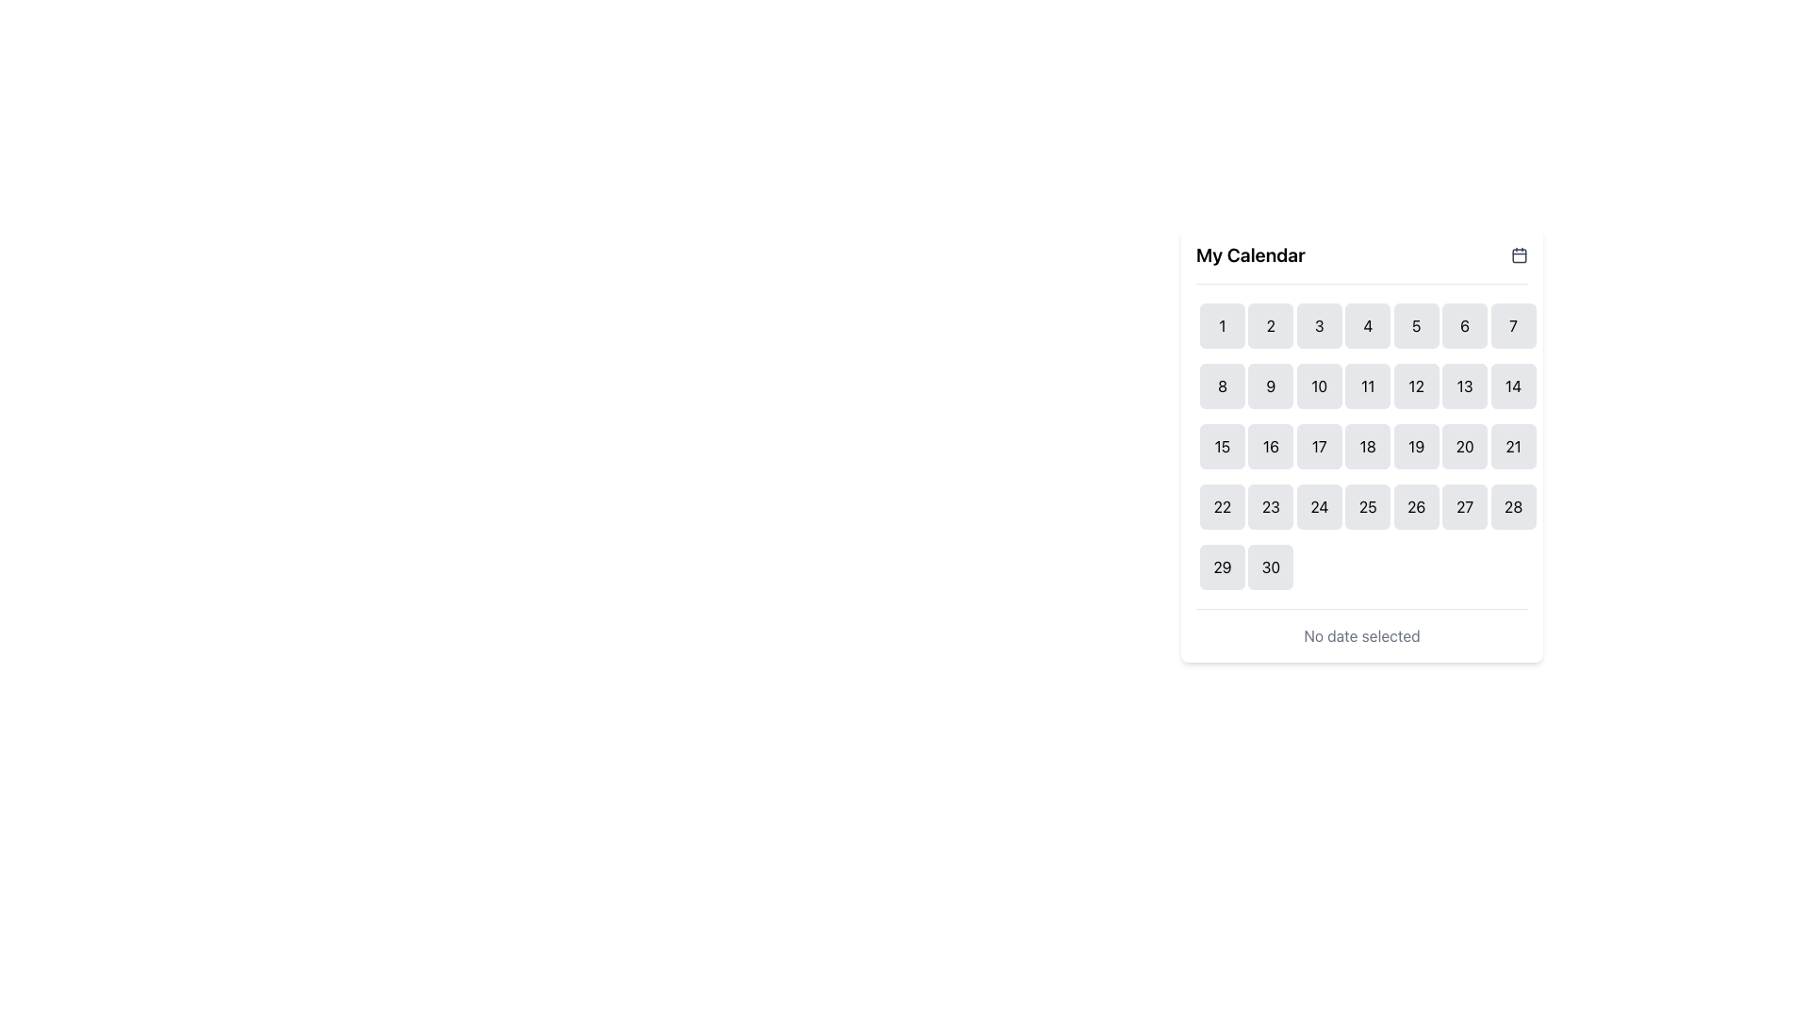 The width and height of the screenshot is (1810, 1018). I want to click on the square button with rounded borders, light gray background, and the number '17' centered in black text, located in the third row and third column of the calendar grid interface titled 'My Calendar', so click(1318, 447).